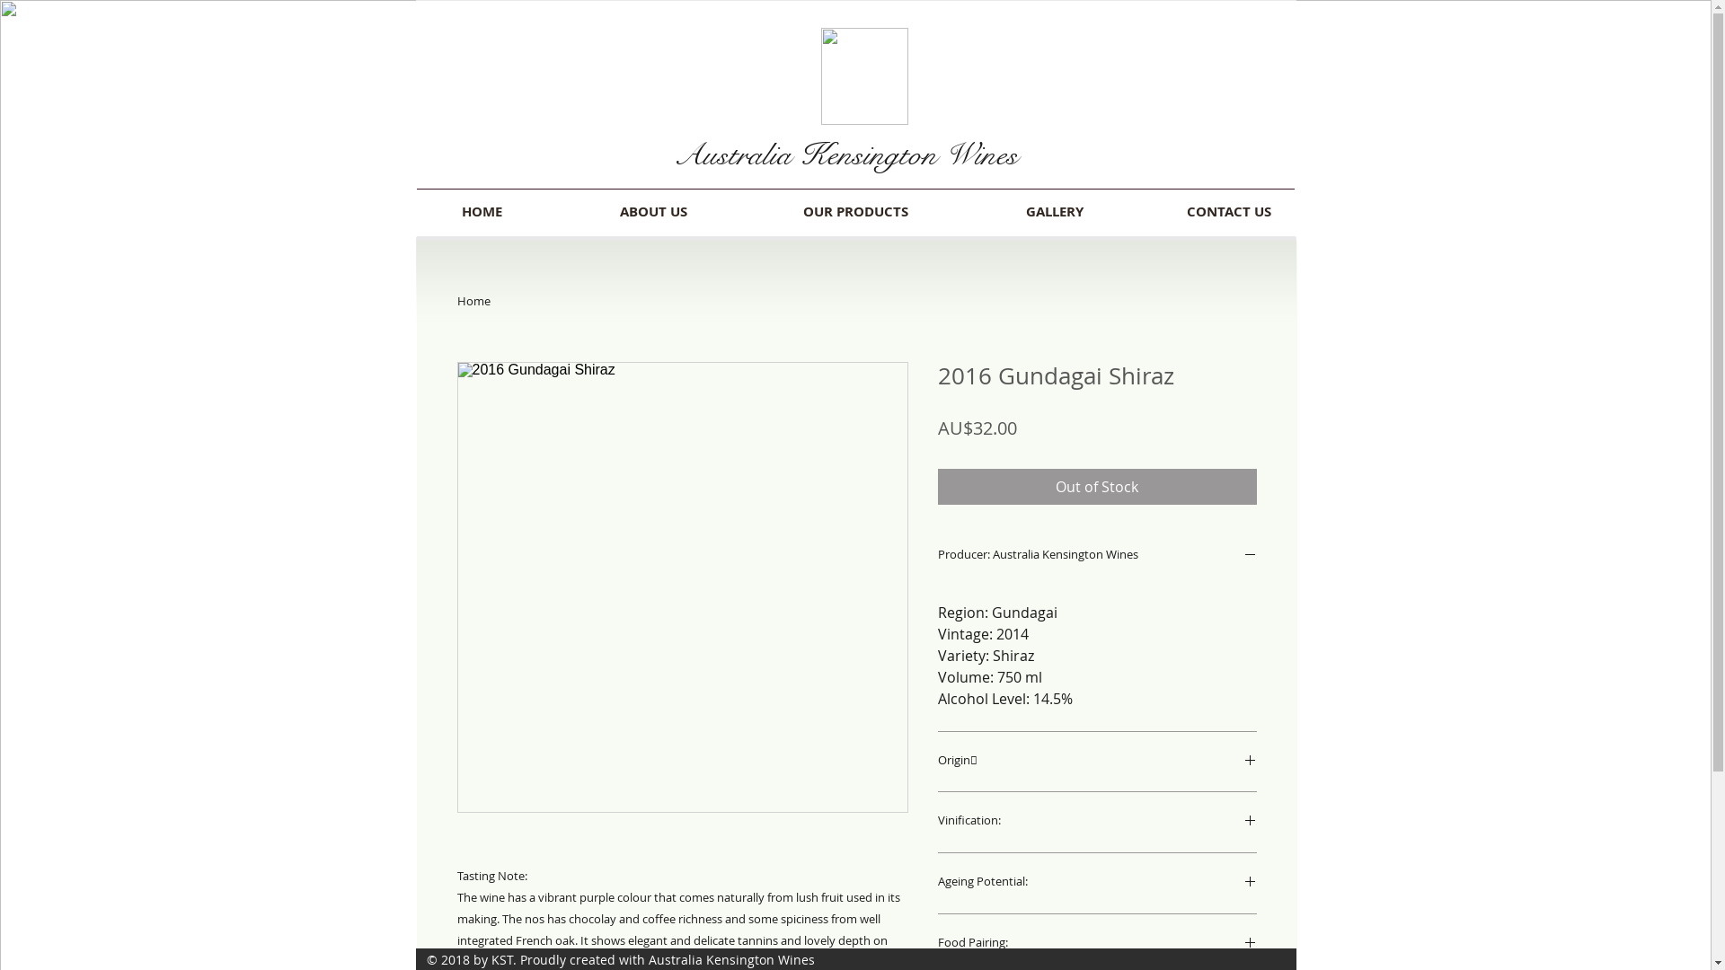 The height and width of the screenshot is (970, 1725). What do you see at coordinates (1227, 210) in the screenshot?
I see `'CONTACT US'` at bounding box center [1227, 210].